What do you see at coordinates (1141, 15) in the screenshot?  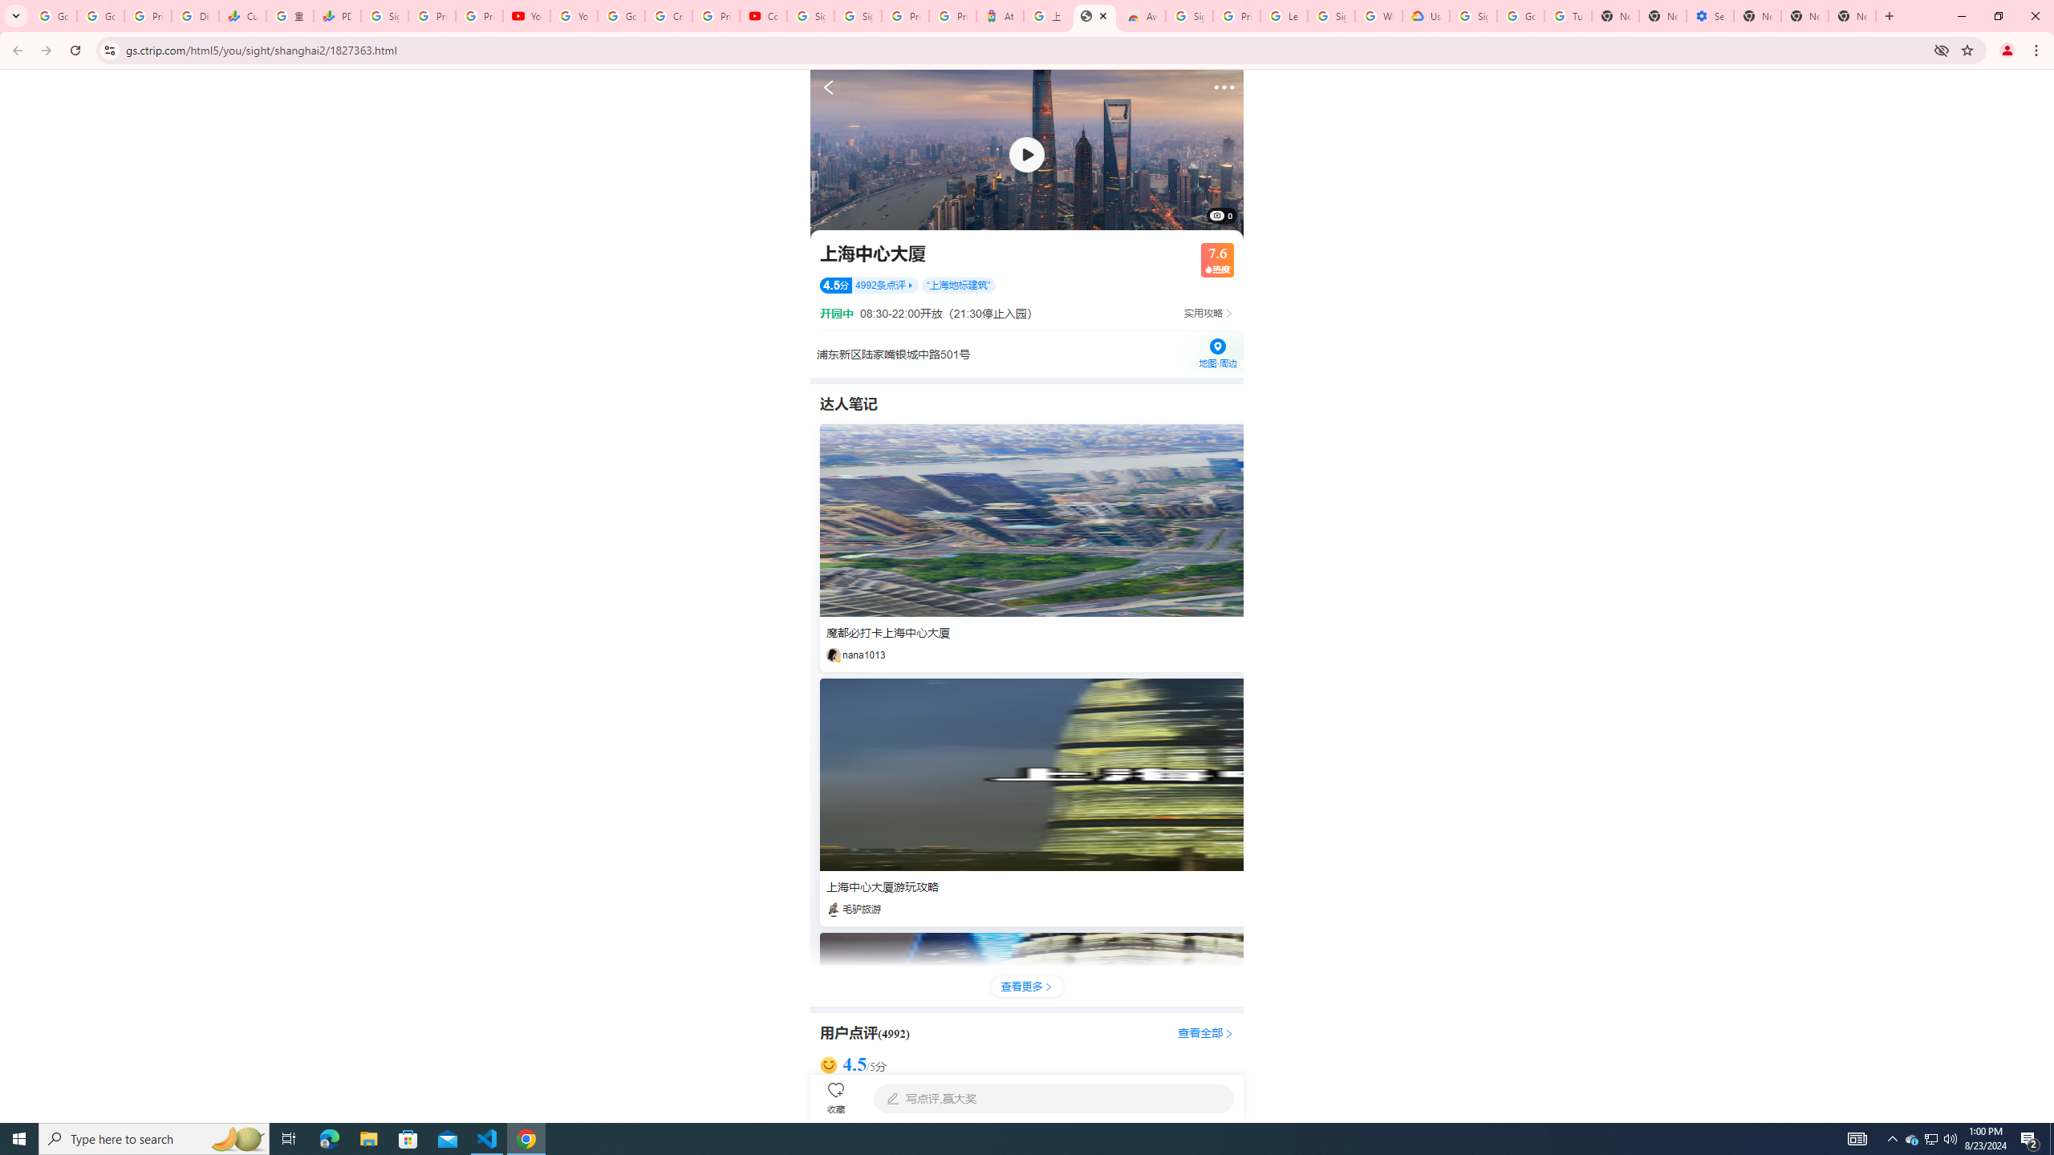 I see `'Awesome Screen Recorder & Screenshot - Chrome Web Store'` at bounding box center [1141, 15].